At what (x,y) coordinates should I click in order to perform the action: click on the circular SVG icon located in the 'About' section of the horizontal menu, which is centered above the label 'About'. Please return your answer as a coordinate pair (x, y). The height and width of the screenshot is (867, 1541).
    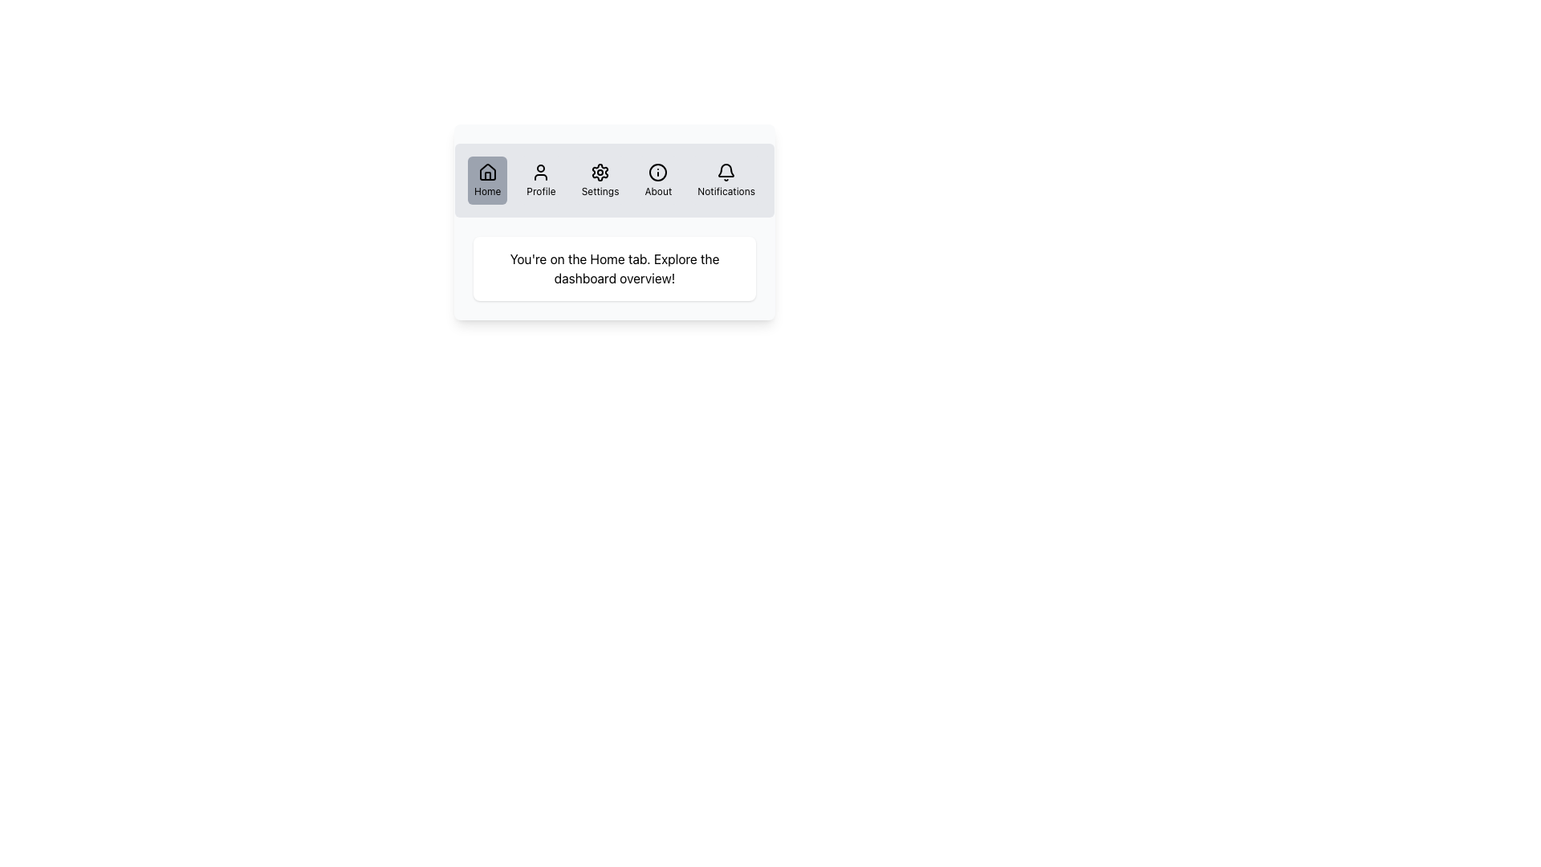
    Looking at the image, I should click on (658, 173).